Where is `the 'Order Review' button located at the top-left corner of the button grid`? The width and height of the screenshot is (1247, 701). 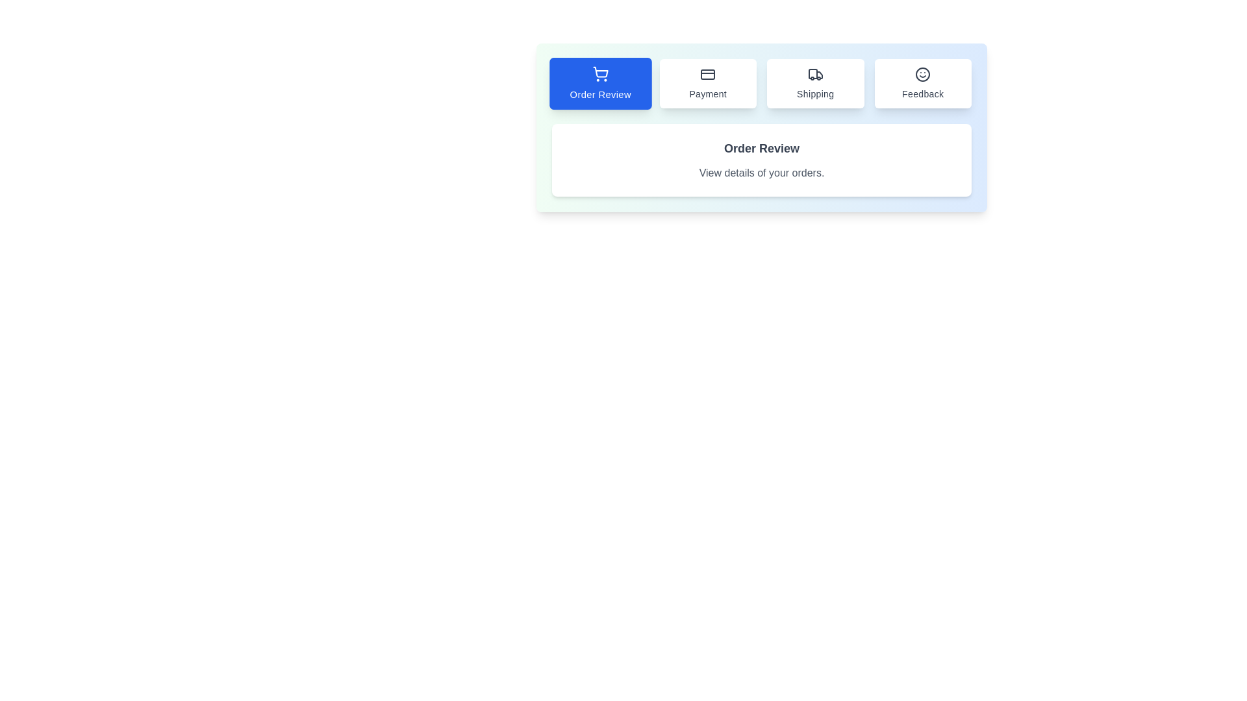
the 'Order Review' button located at the top-left corner of the button grid is located at coordinates (599, 83).